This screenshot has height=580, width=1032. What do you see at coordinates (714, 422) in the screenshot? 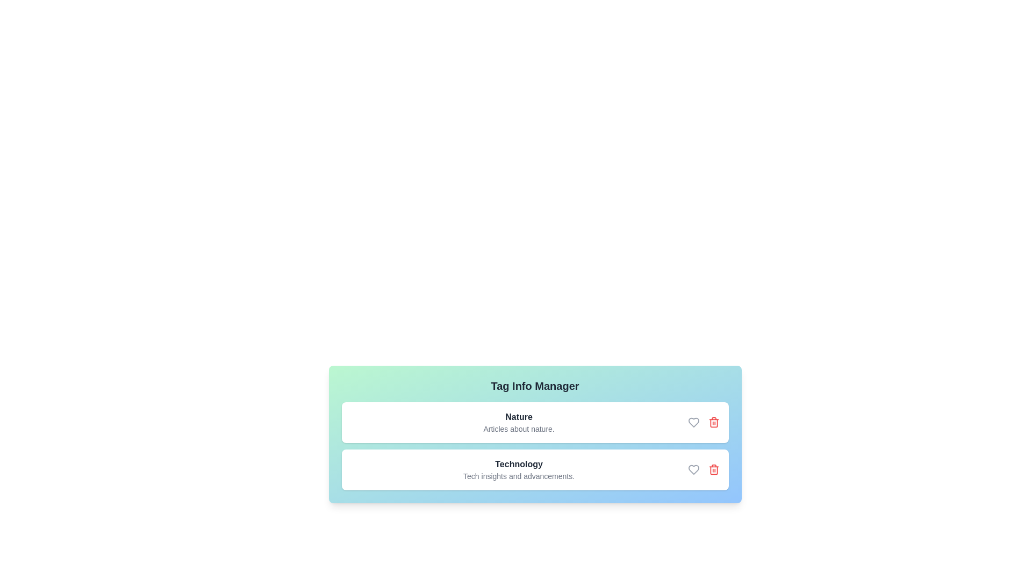
I see `the trash icon to remove the tag labeled Nature` at bounding box center [714, 422].